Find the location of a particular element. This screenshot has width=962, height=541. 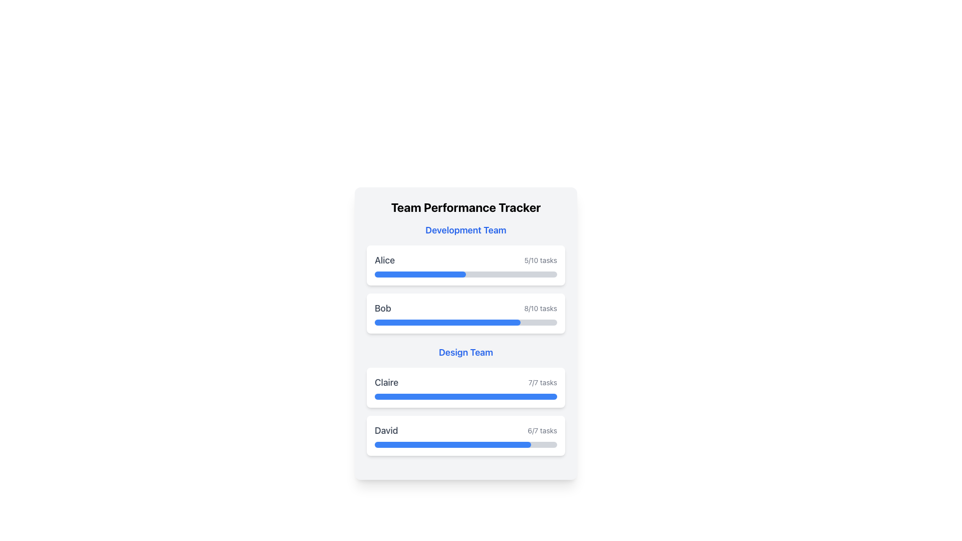

the horizontal progress bar styled with a gray background and a blue filled portion, located at the bottom of the card associated with user 'David' is located at coordinates (465, 444).